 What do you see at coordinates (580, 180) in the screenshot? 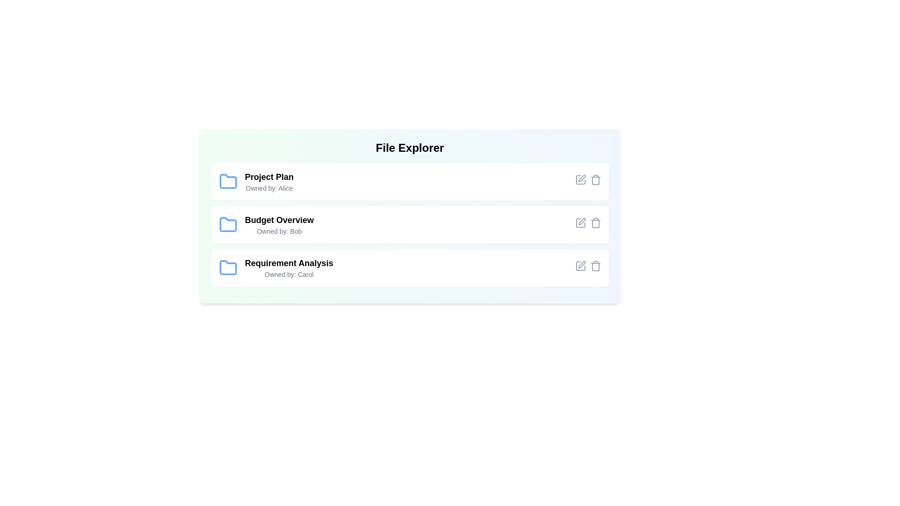
I see `the edit icon for the file Project Plan` at bounding box center [580, 180].